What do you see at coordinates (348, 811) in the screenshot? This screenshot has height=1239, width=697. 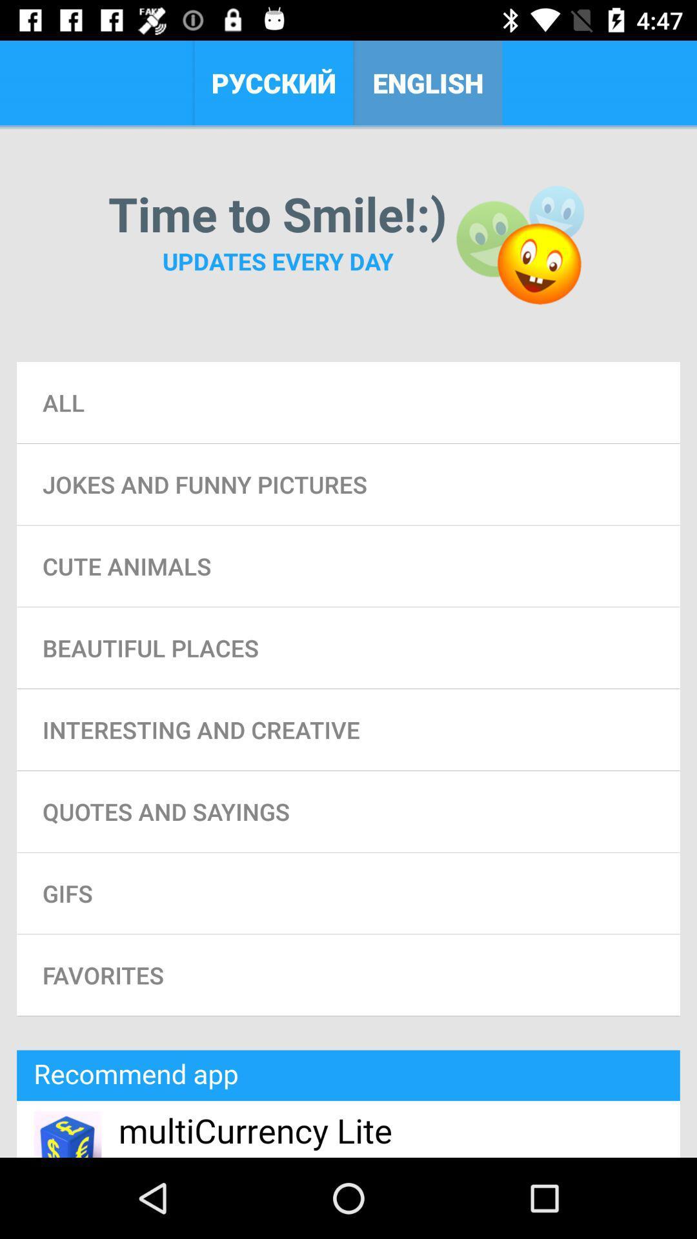 I see `the icon below the interesting and creative item` at bounding box center [348, 811].